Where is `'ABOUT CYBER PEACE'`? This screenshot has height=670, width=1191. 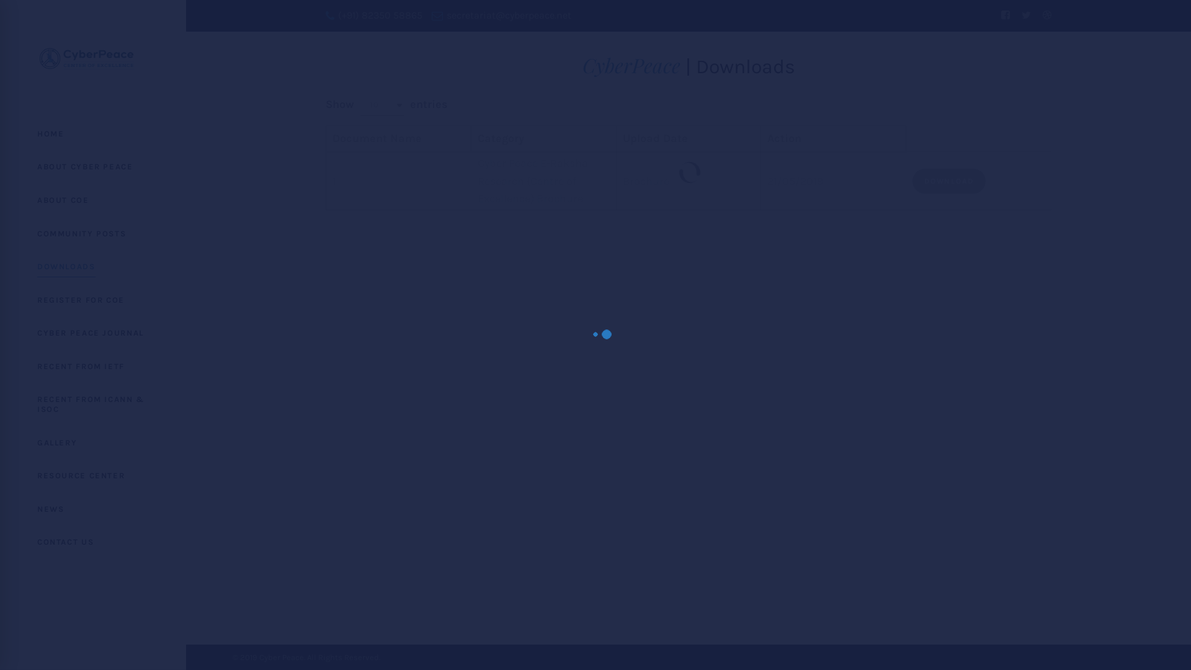
'ABOUT CYBER PEACE' is located at coordinates (0, 166).